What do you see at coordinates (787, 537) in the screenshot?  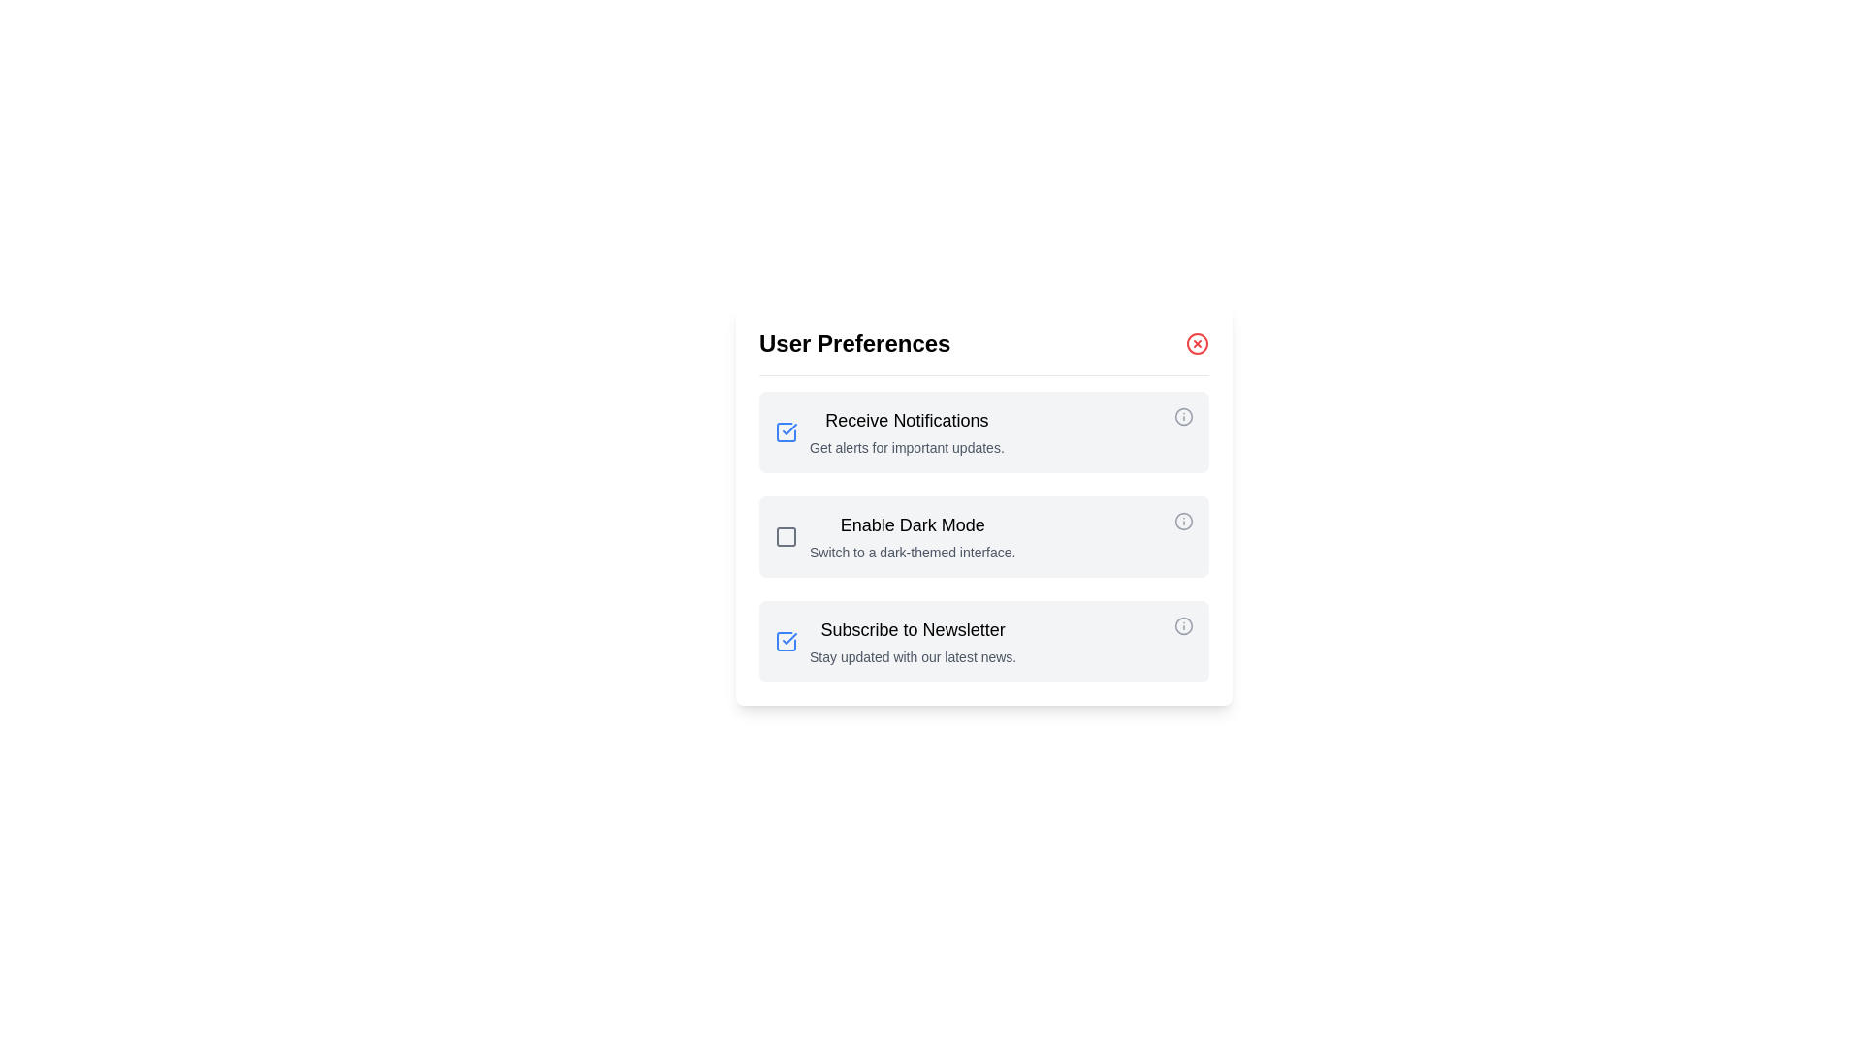 I see `the inactive checkbox in the 'User Preferences' section` at bounding box center [787, 537].